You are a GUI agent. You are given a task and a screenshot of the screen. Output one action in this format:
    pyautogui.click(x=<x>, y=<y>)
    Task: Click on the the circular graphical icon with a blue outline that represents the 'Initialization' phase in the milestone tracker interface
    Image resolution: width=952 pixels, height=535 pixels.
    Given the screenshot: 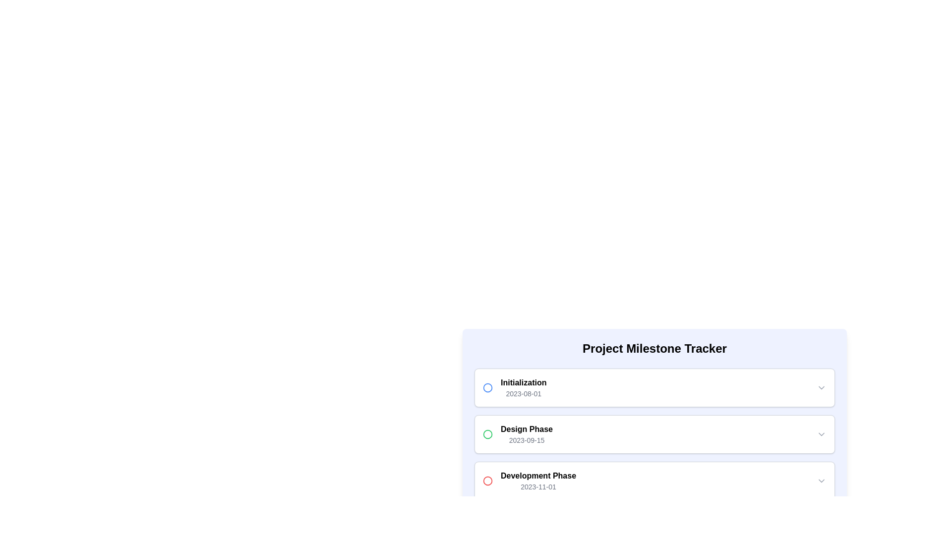 What is the action you would take?
    pyautogui.click(x=487, y=387)
    